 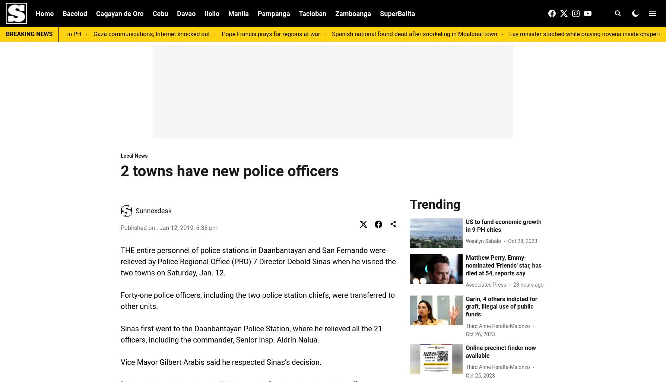 What do you see at coordinates (504, 265) in the screenshot?
I see `'Matthew Perry, Emmy-nominated 'Friends' star, has died at 54, reports say'` at bounding box center [504, 265].